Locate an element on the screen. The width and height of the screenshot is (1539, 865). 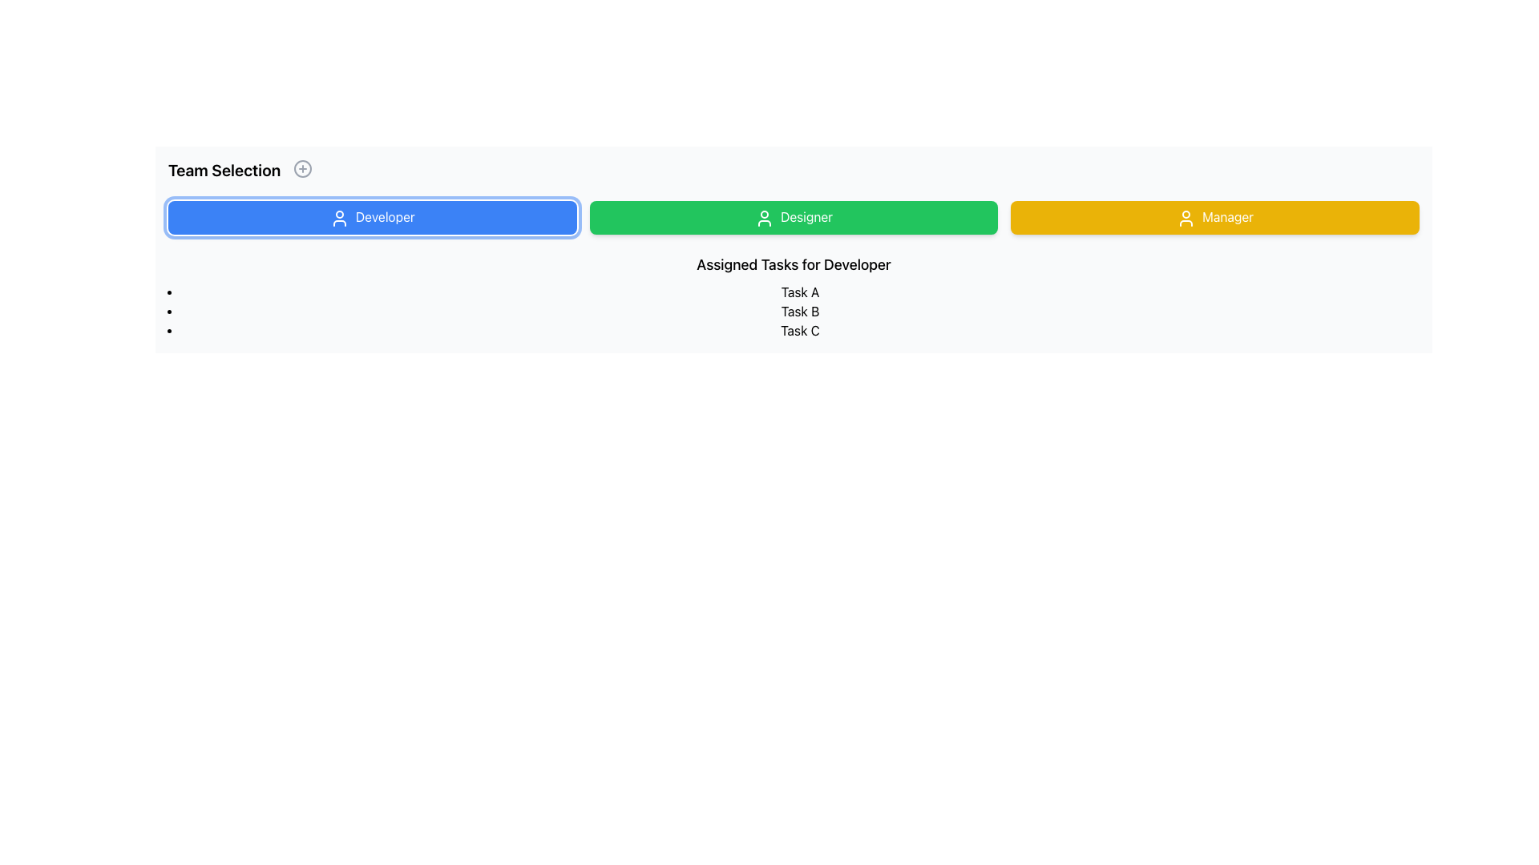
properties of the 'Manager' icon located within the yellow button, which is the third button in a horizontal group of similar buttons is located at coordinates (1186, 218).